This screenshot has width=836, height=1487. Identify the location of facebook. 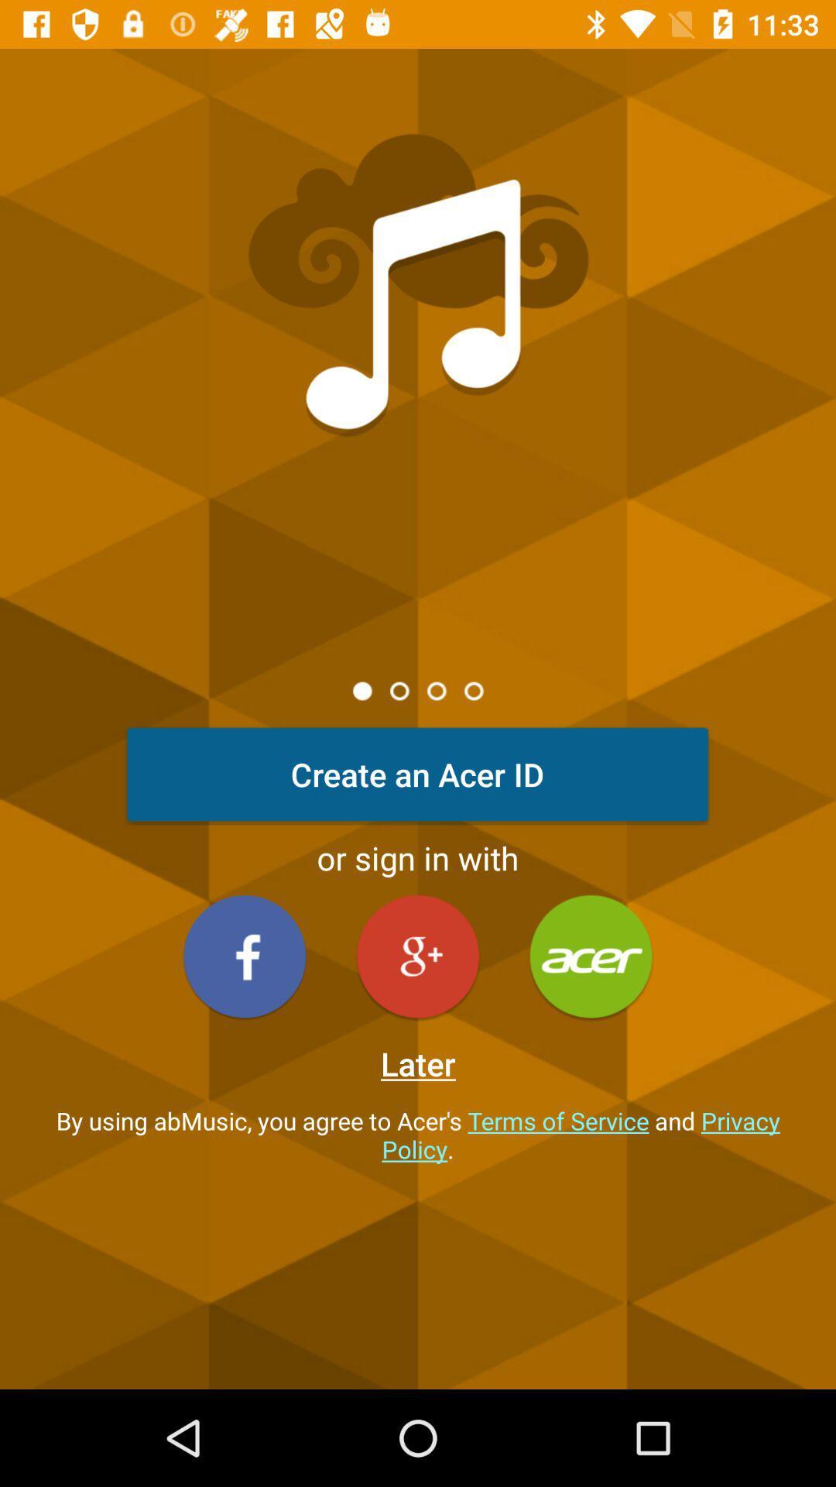
(244, 956).